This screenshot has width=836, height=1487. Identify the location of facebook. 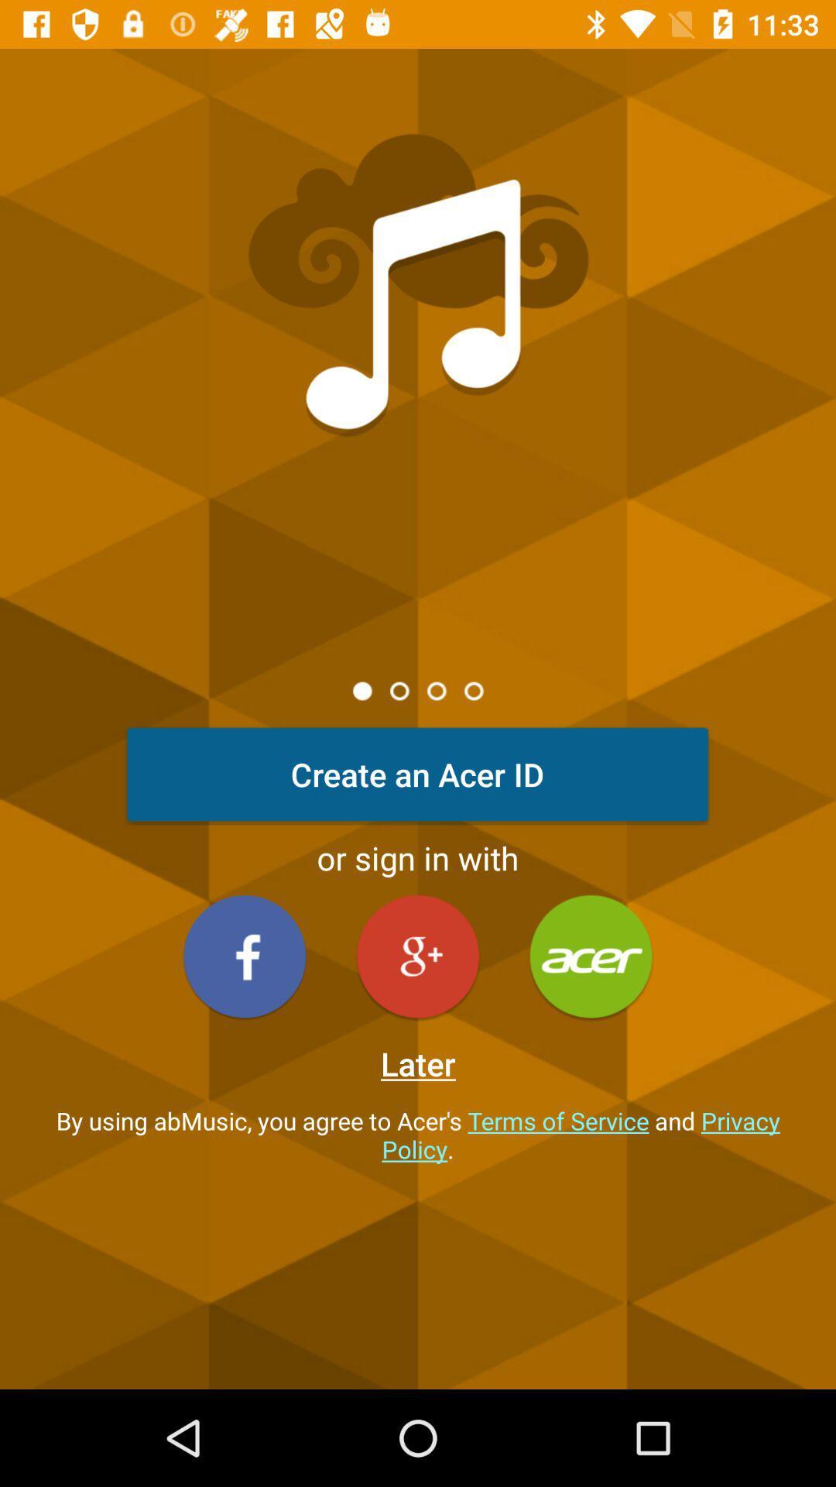
(244, 956).